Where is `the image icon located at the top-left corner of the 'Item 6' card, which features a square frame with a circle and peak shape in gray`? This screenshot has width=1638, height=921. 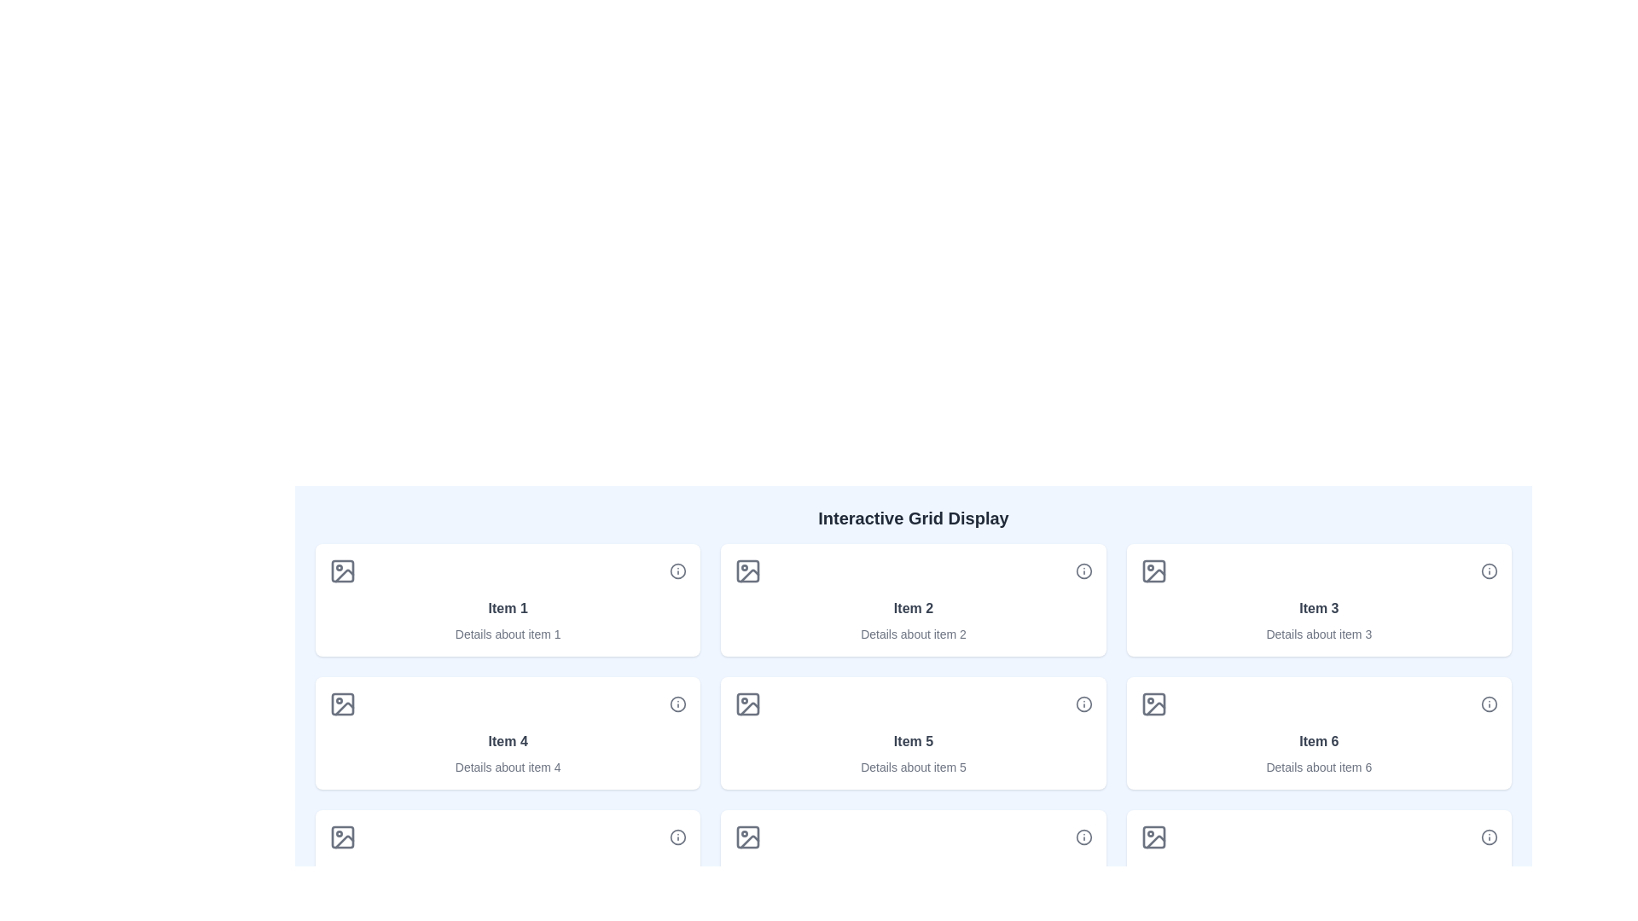 the image icon located at the top-left corner of the 'Item 6' card, which features a square frame with a circle and peak shape in gray is located at coordinates (1153, 704).